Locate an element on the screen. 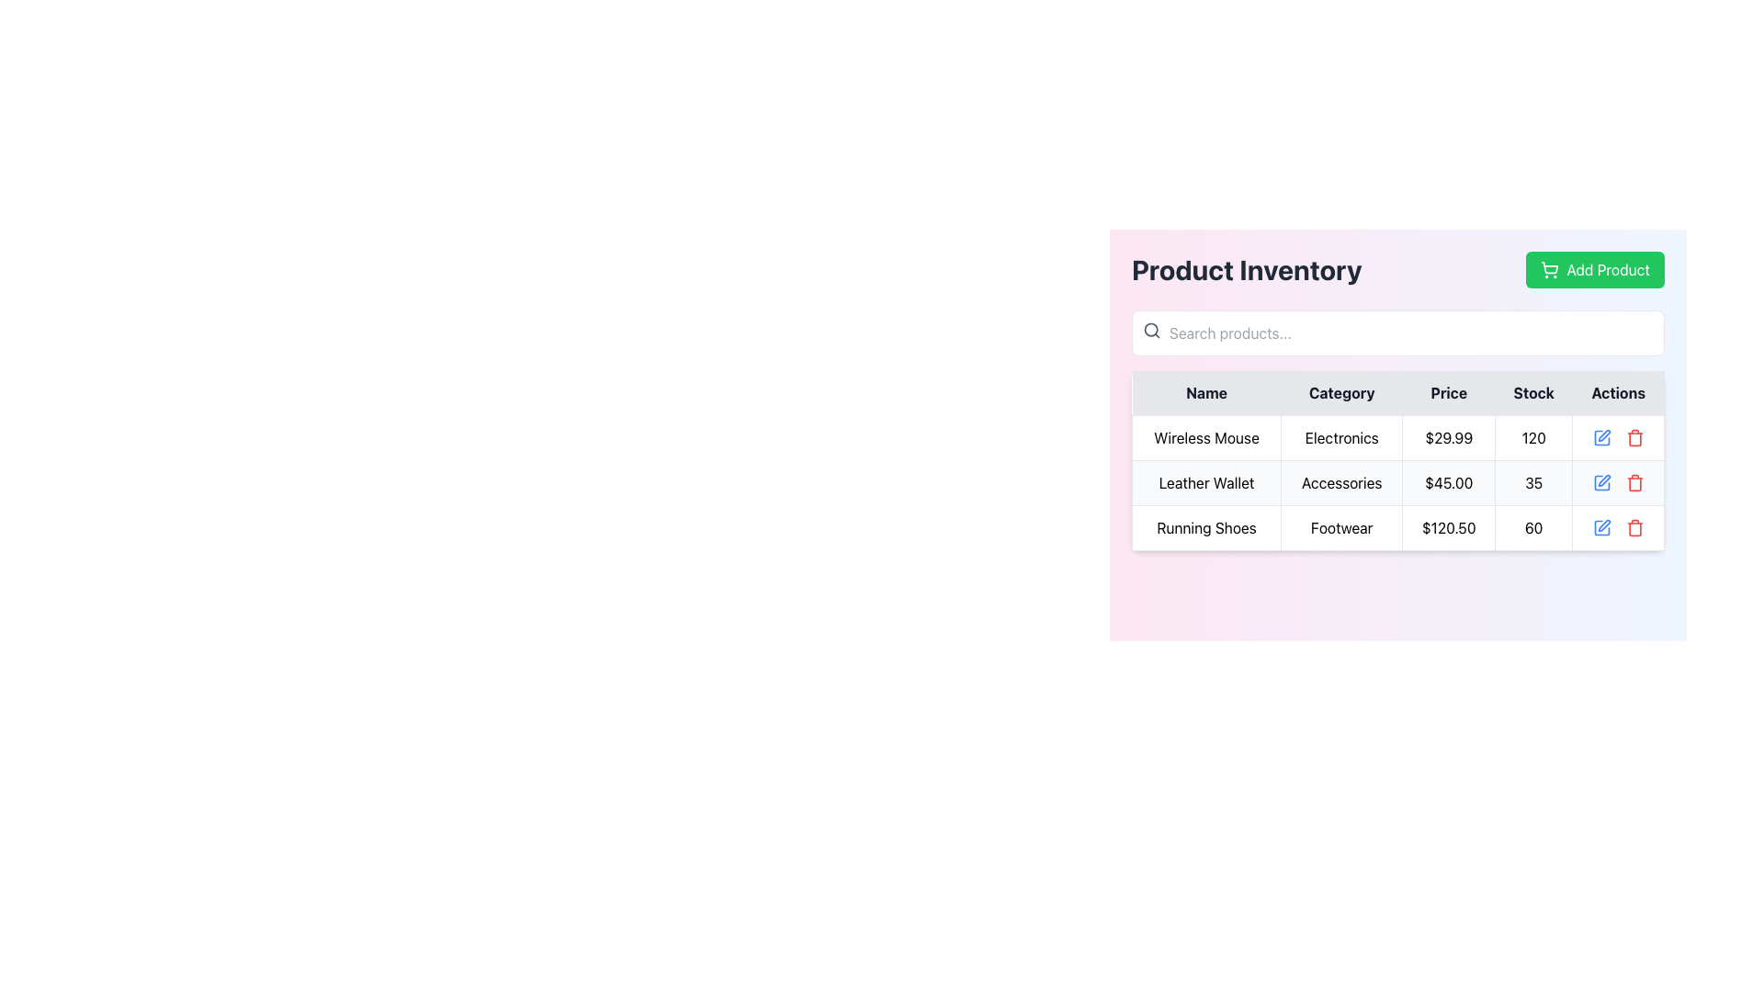  the 'Name' table header which is displayed in bold dark text on a gray background, located in the top-left corner of the table is located at coordinates (1206, 392).